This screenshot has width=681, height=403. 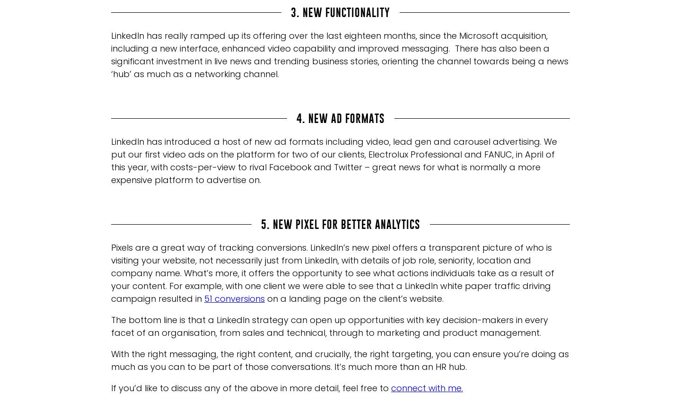 I want to click on 'Pixels are a great way of tracking conversions. LinkedIn’s new pixel offers a transparent picture of who is visiting your website, not necessarily just from LinkedIn, with details of job role, seniority, location and company name. What’s more, it offers the opportunity to see what actions individuals take as a result of your content. For example, with one client we were able to see that a LinkedIn white paper traffic driving campaign resulted in', so click(x=332, y=272).